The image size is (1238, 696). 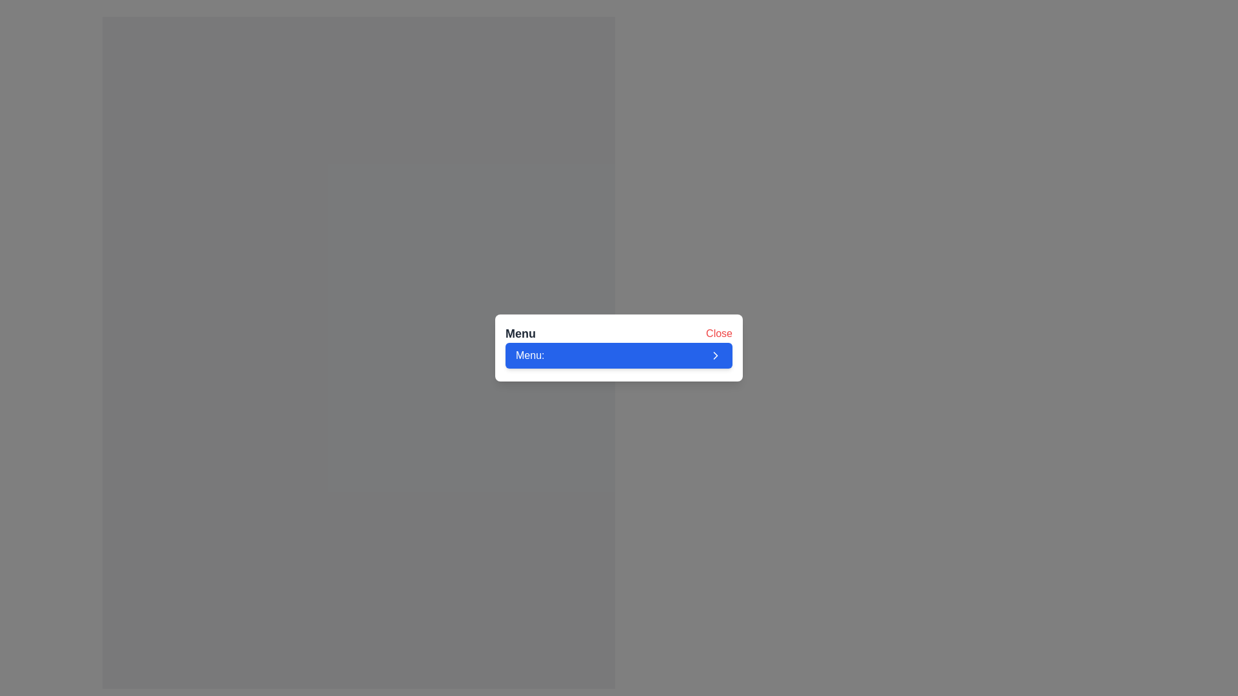 What do you see at coordinates (714, 355) in the screenshot?
I see `the rightward-pointing chevron icon` at bounding box center [714, 355].